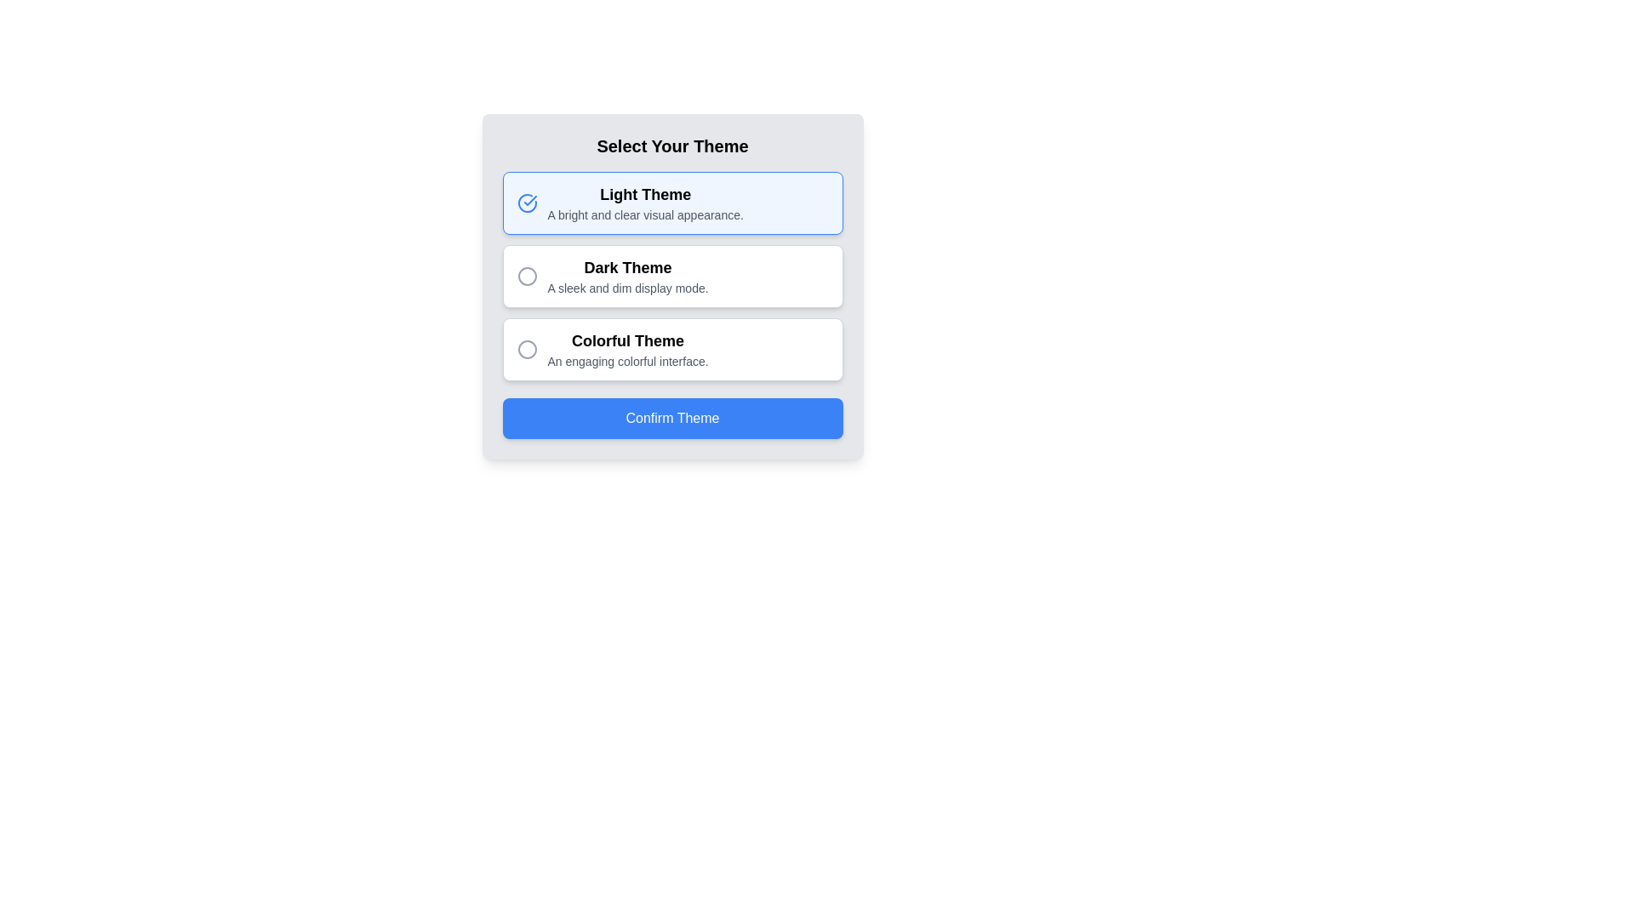  I want to click on the descriptive tagline text element located below the header text in the 'Light Theme' option card, so click(644, 214).